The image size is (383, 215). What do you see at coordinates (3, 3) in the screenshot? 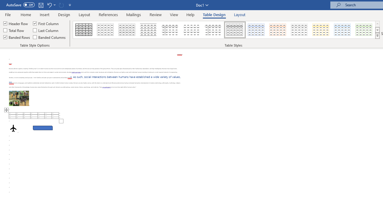
I see `'System'` at bounding box center [3, 3].